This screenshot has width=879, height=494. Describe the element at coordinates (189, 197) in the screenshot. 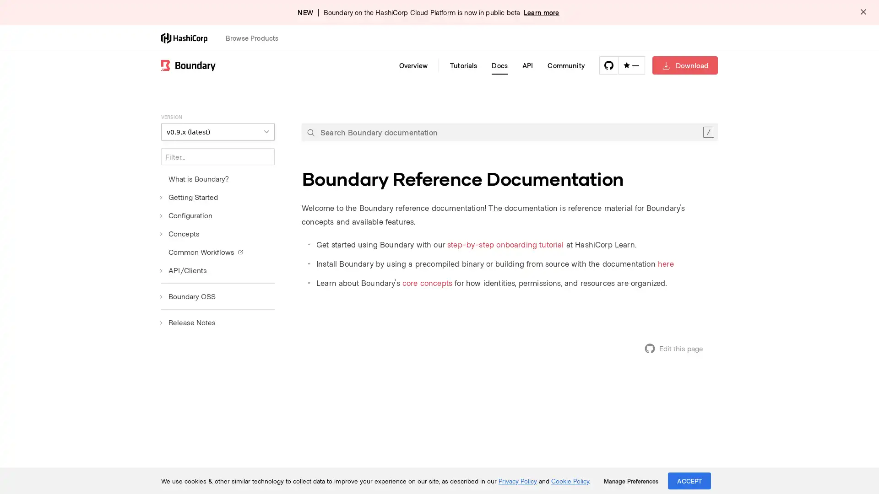

I see `Getting Started` at that location.